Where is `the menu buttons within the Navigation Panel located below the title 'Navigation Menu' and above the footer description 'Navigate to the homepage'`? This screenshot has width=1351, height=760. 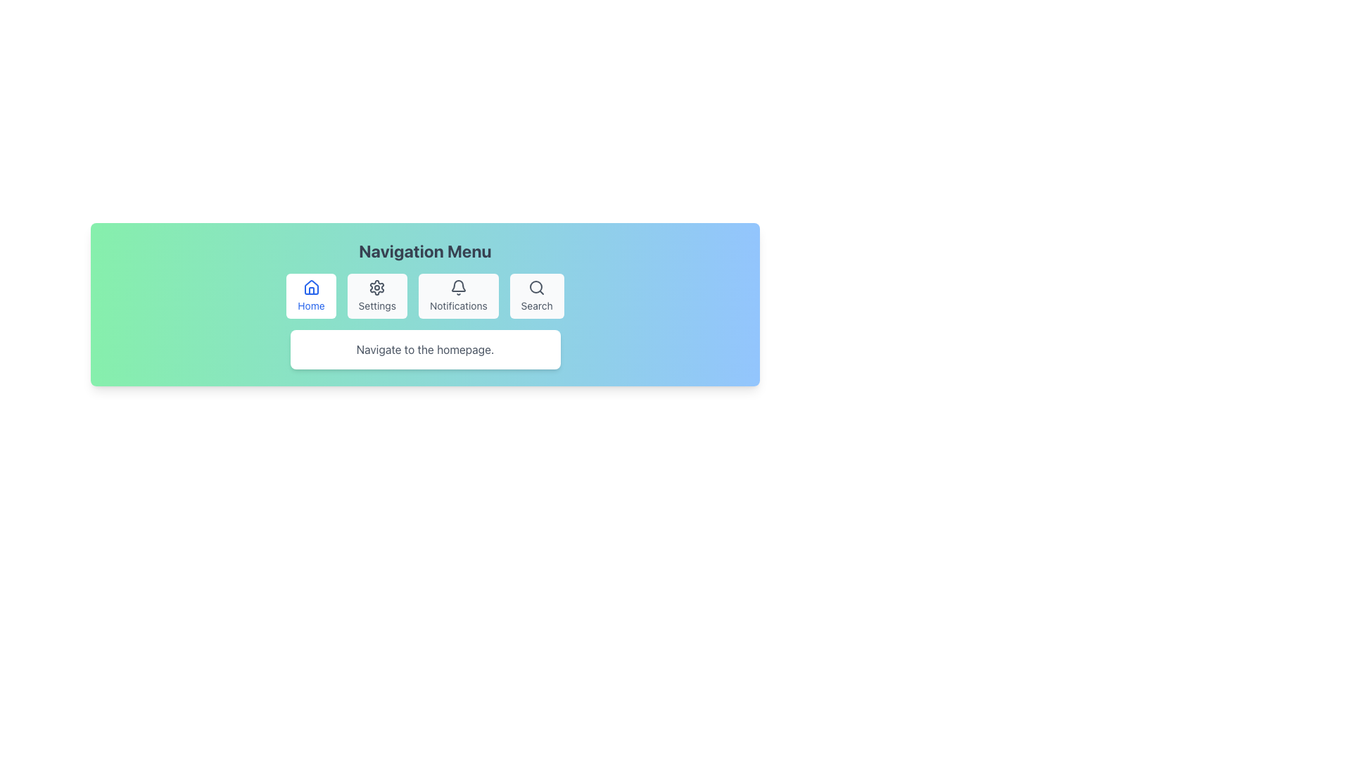 the menu buttons within the Navigation Panel located below the title 'Navigation Menu' and above the footer description 'Navigate to the homepage' is located at coordinates (424, 303).